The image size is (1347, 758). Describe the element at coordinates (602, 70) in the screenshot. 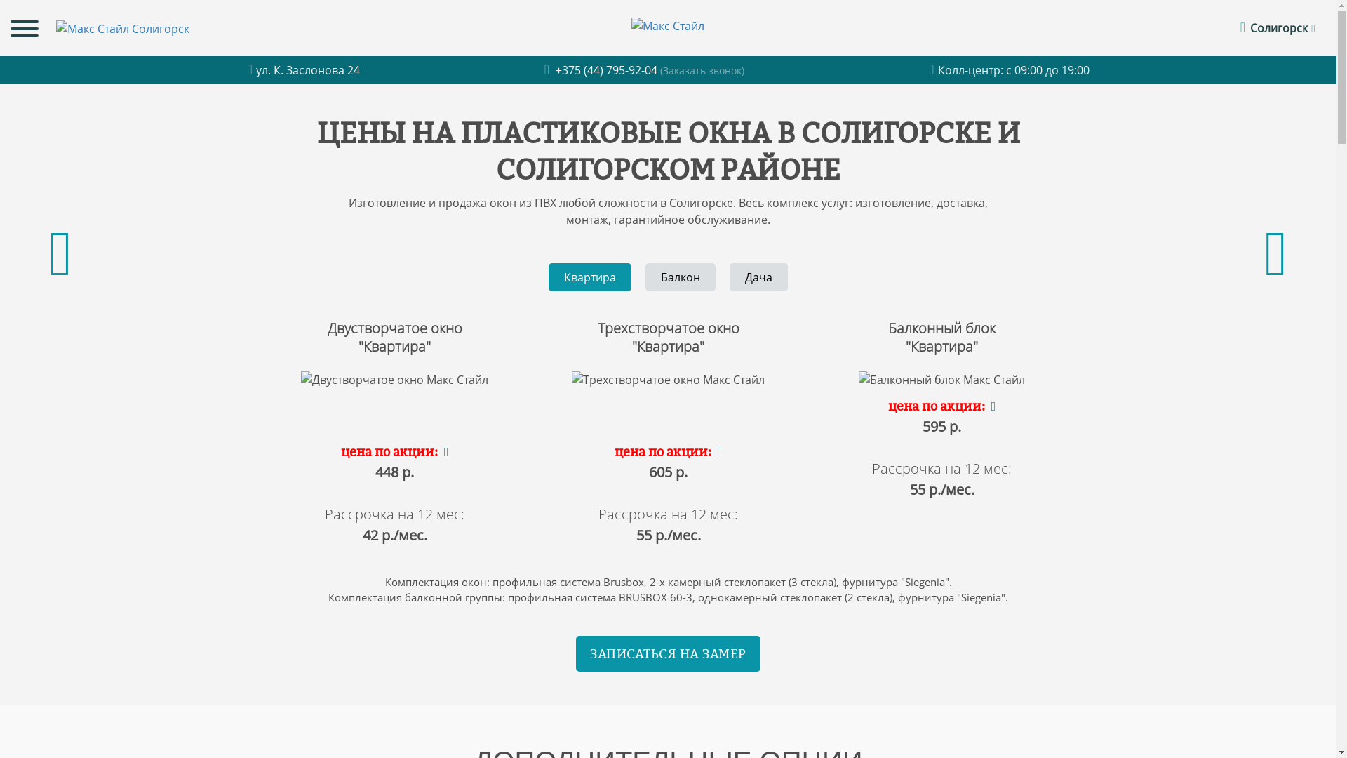

I see `'+375 (44) 795-92-04'` at that location.